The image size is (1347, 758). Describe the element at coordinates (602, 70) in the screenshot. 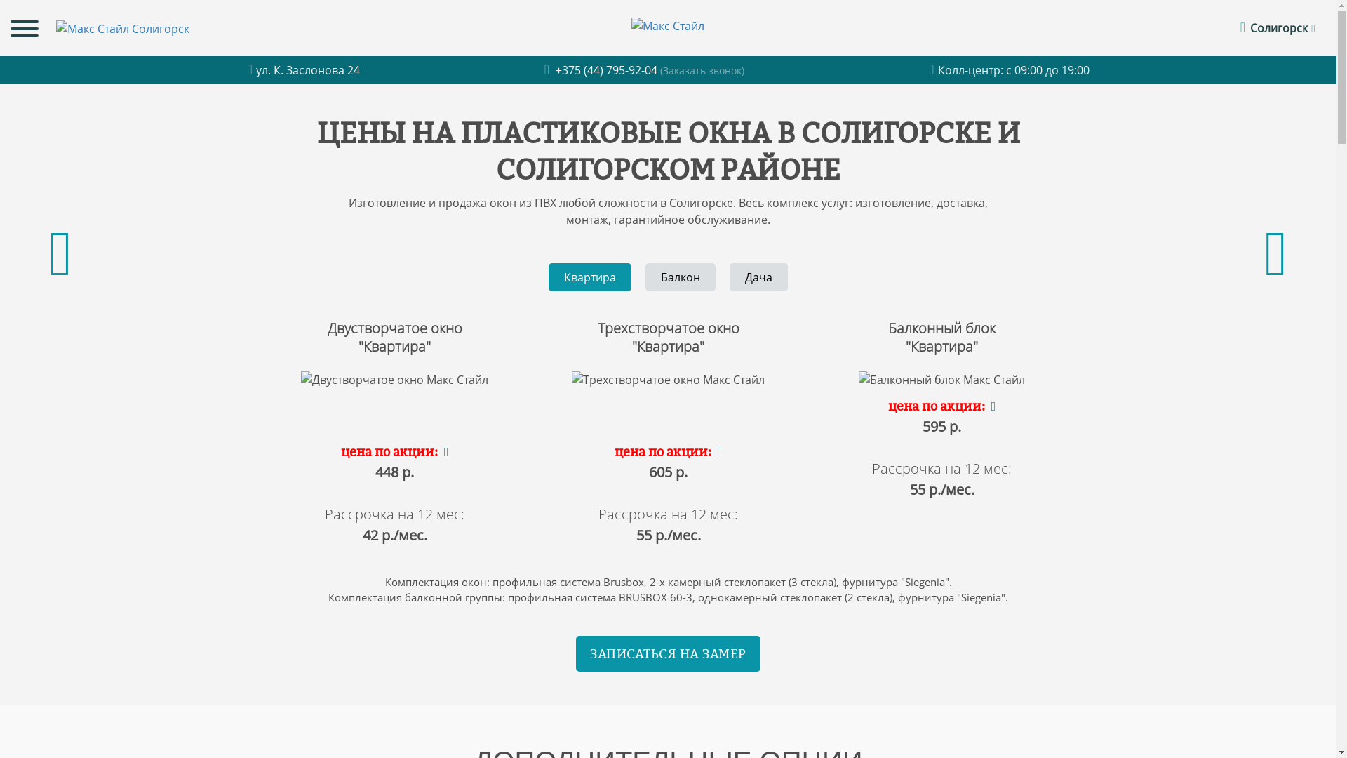

I see `'+375 (44) 795-92-04'` at that location.